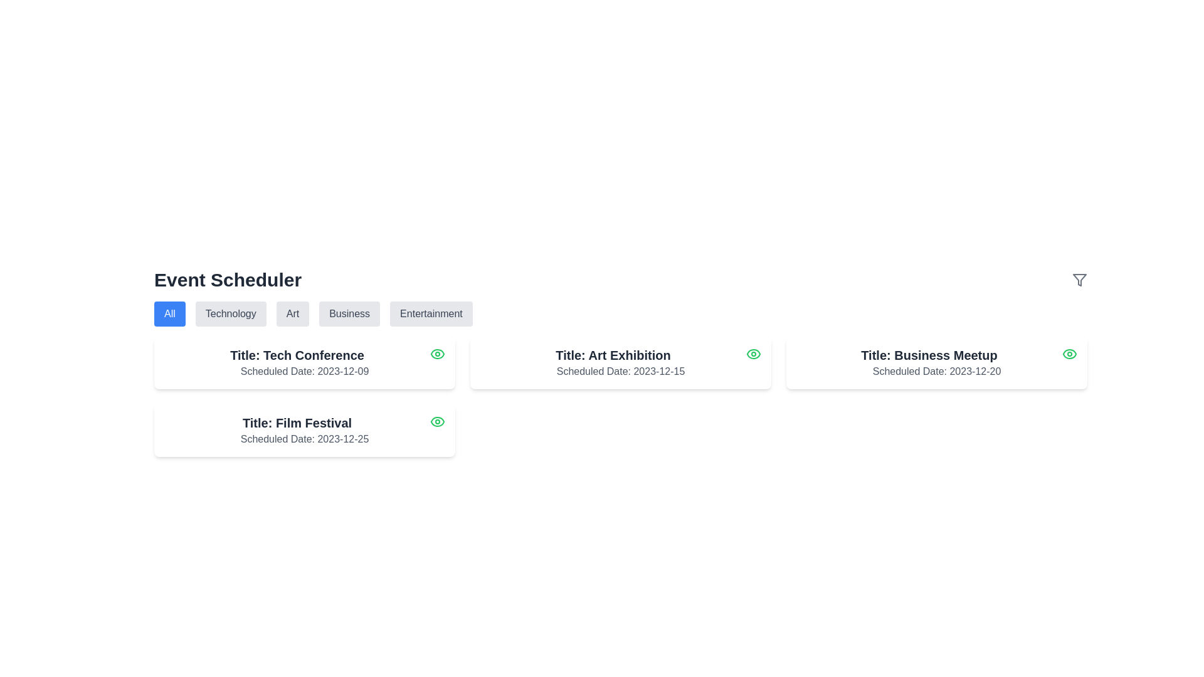 Image resolution: width=1204 pixels, height=677 pixels. I want to click on the static text displaying 'Scheduled Date: 2023-12-09', which is positioned below the title 'Title: Tech Conference' in the top-left card of the event grid layout, so click(304, 371).